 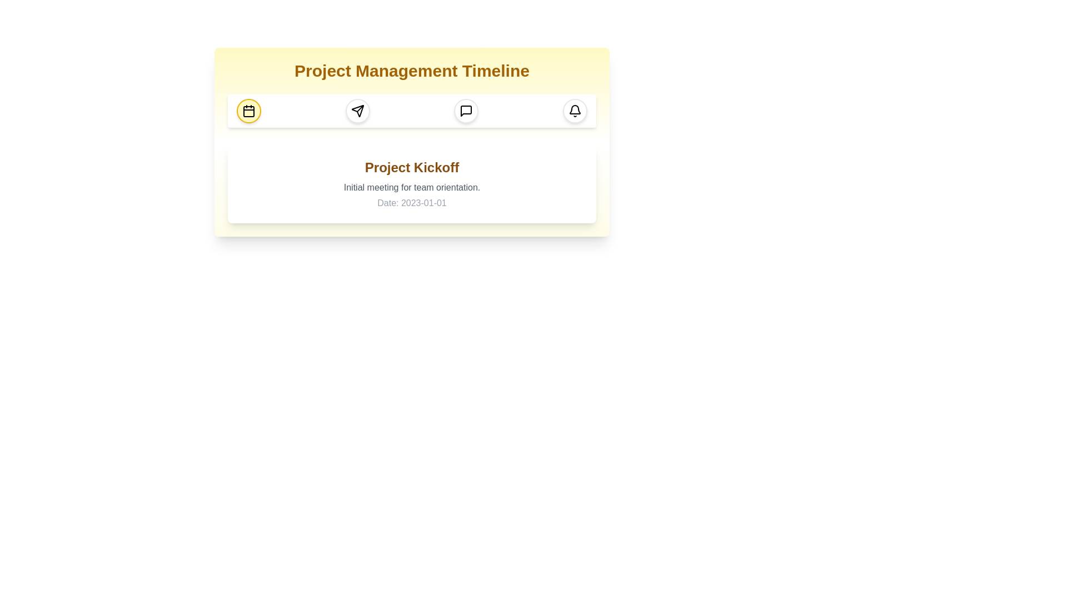 I want to click on the speech bubble-shaped icon located in the top-right section of the interface under 'Project Management Timeline', so click(x=466, y=111).